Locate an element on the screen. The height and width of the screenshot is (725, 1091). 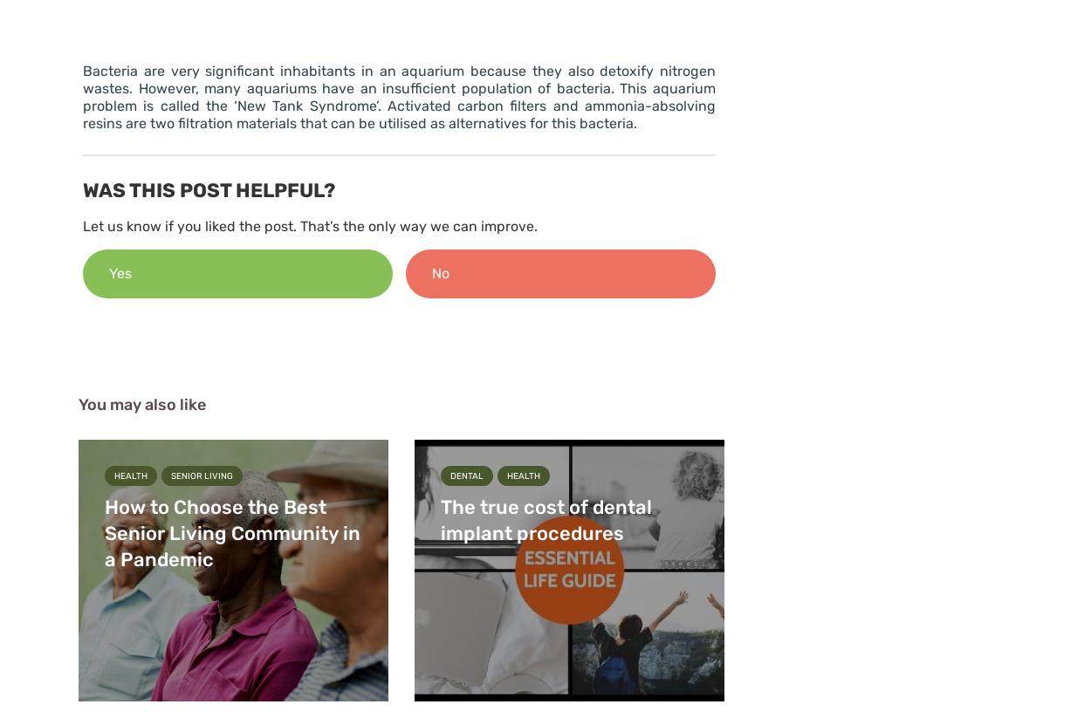
'Senior Living' is located at coordinates (201, 475).